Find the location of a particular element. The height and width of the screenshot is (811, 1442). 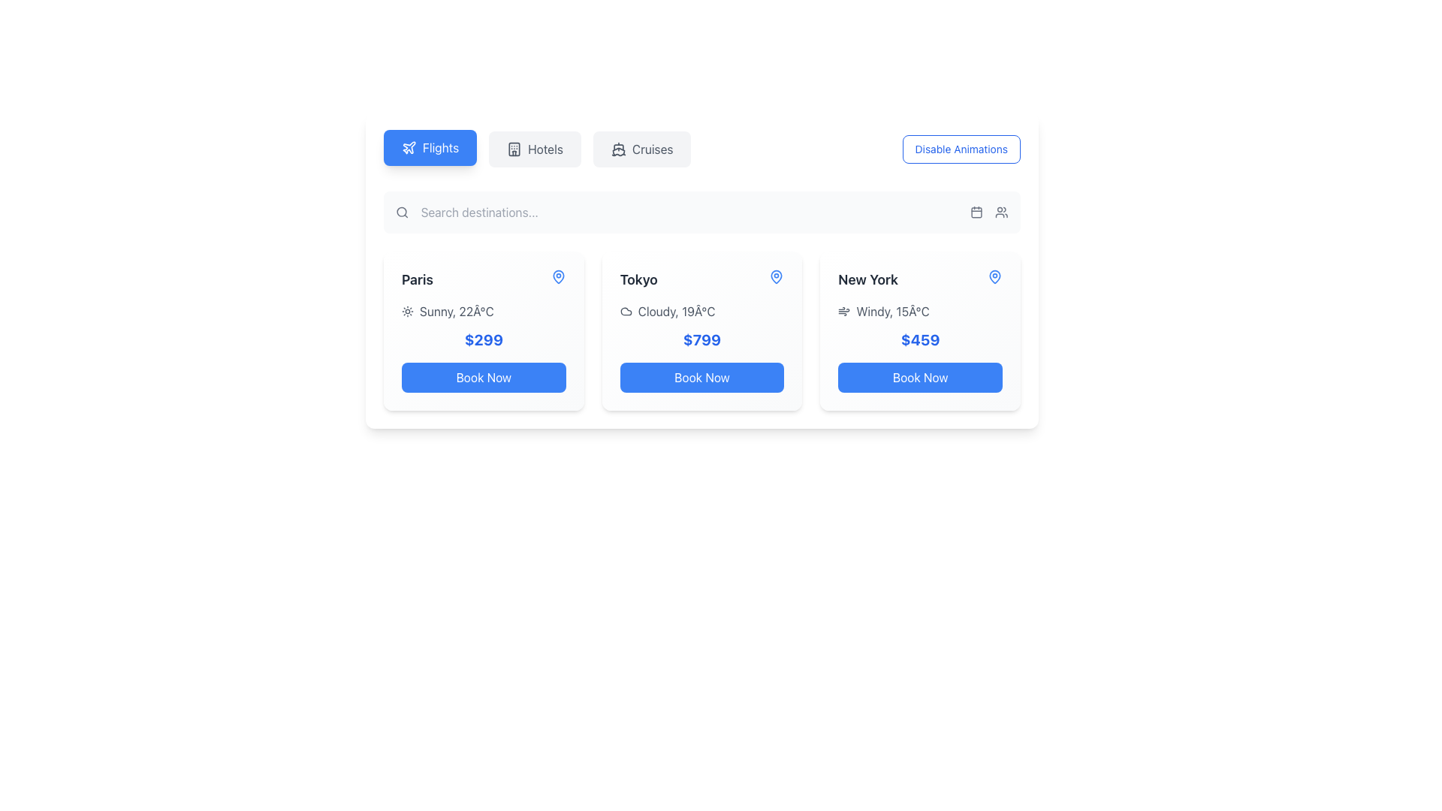

the blue location pin icon located in the upper right corner of the 'Tokyo' card is located at coordinates (777, 277).